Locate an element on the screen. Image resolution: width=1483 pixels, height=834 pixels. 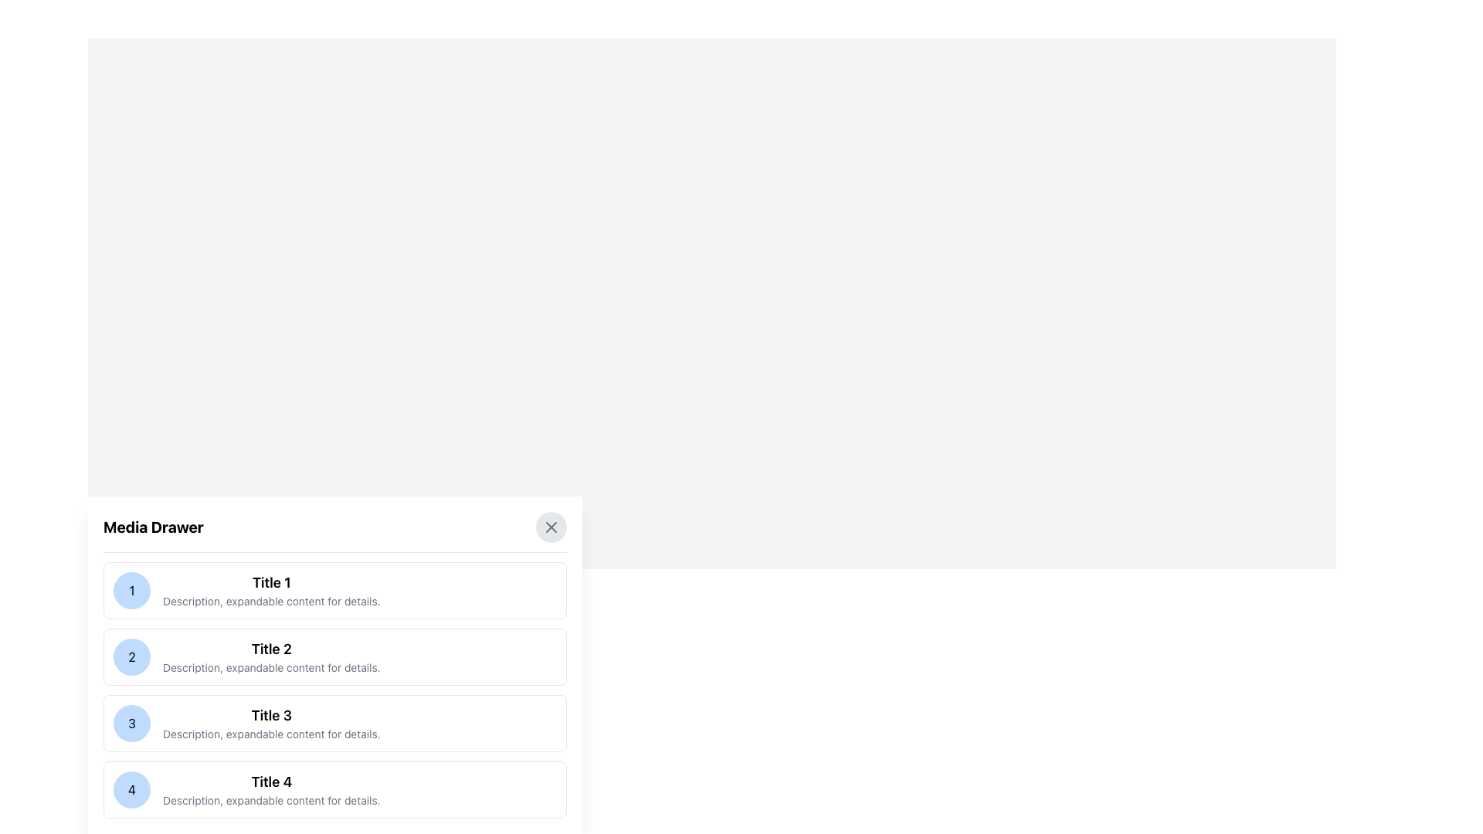
the decorative visual element that serves as an identifier for the first item in the list, located to the left of 'Title 1' is located at coordinates (132, 590).